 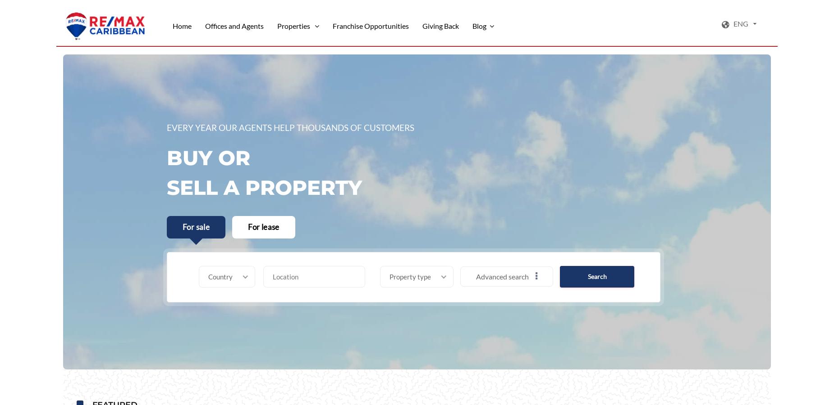 I want to click on 'Commercial building', so click(x=397, y=344).